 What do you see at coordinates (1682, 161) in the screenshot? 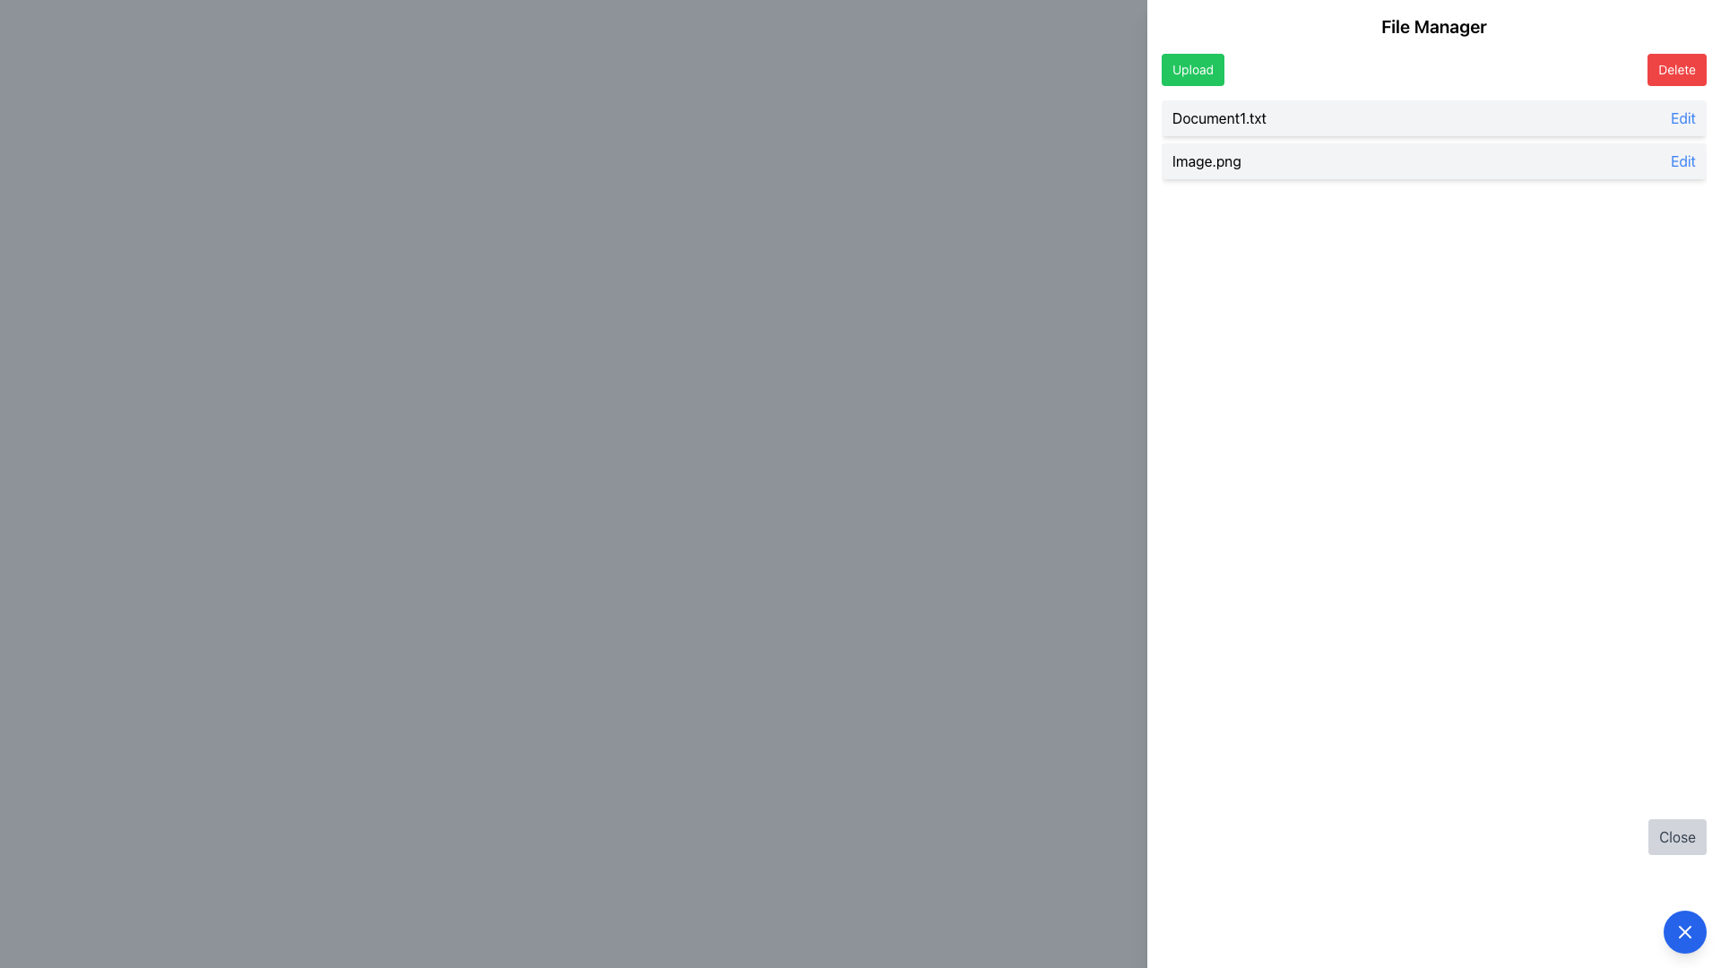
I see `the blue, underlined text link labeled 'Edit' located on the second row of a file list in a centered panel` at bounding box center [1682, 161].